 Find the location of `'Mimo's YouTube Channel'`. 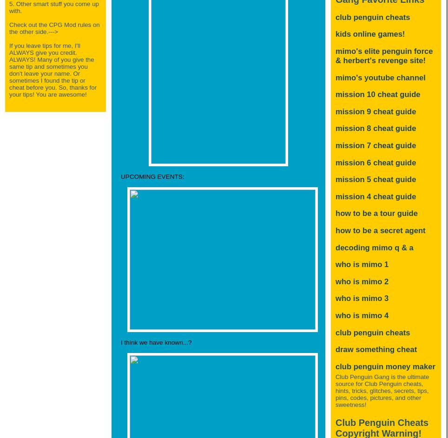

'Mimo's YouTube Channel' is located at coordinates (380, 77).